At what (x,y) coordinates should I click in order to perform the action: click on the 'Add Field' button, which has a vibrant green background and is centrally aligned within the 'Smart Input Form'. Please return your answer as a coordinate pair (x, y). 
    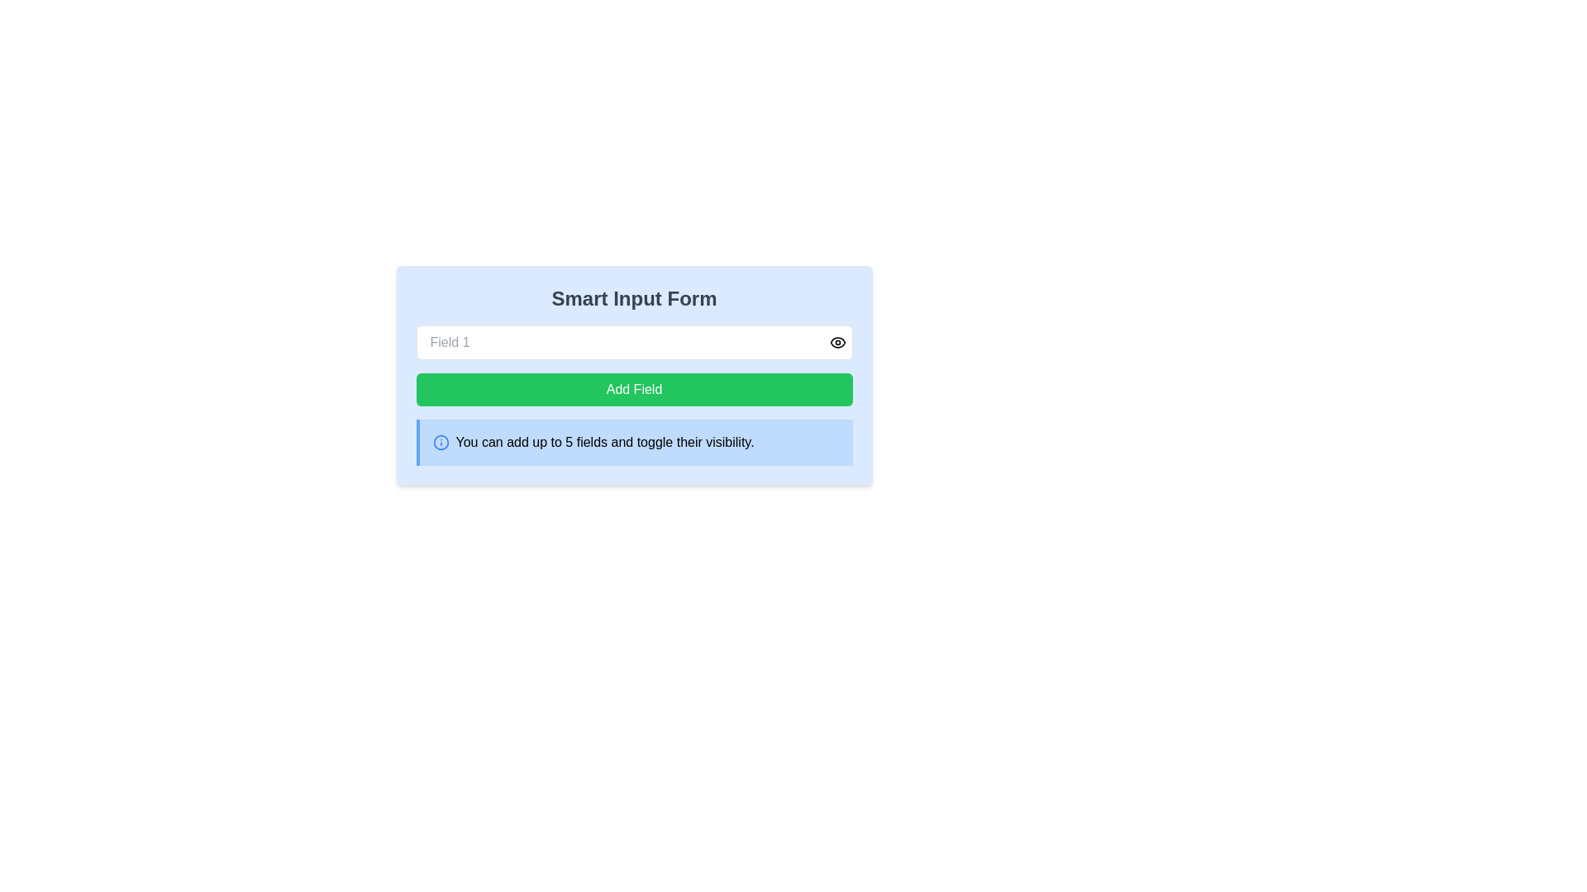
    Looking at the image, I should click on (633, 389).